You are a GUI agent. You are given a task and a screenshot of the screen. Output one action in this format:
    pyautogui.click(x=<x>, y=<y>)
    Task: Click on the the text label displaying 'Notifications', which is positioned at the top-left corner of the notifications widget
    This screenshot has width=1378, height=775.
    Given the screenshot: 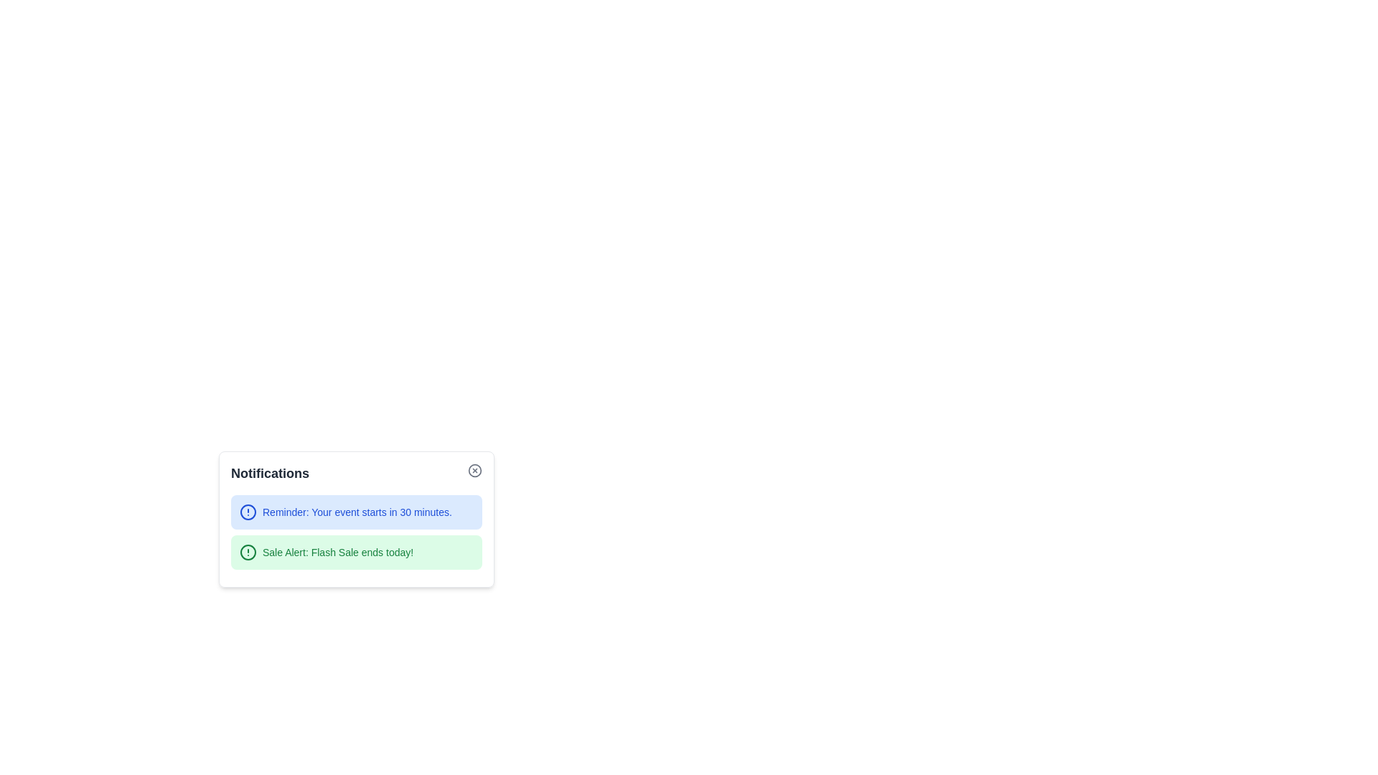 What is the action you would take?
    pyautogui.click(x=270, y=473)
    